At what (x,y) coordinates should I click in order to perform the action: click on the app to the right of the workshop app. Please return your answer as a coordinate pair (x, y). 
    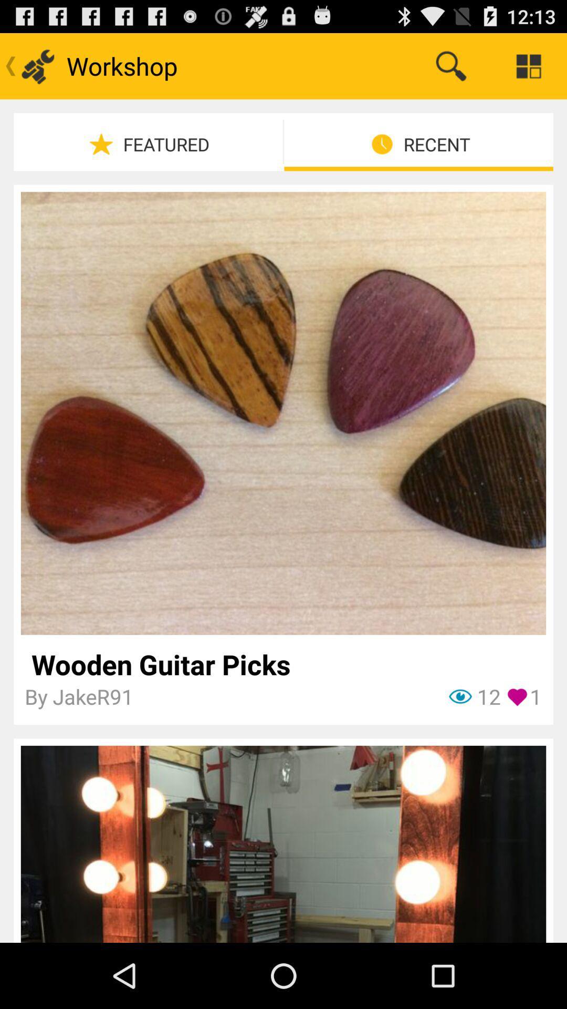
    Looking at the image, I should click on (450, 65).